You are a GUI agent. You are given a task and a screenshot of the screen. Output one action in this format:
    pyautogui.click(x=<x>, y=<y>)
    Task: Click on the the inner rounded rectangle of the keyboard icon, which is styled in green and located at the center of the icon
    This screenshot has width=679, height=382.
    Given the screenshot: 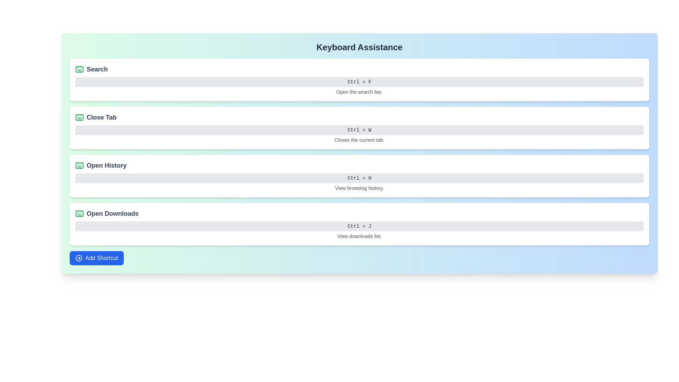 What is the action you would take?
    pyautogui.click(x=80, y=117)
    